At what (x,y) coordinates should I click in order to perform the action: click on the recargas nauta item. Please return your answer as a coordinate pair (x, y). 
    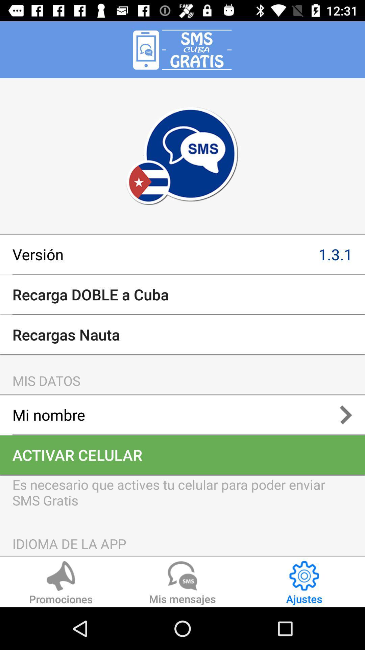
    Looking at the image, I should click on (182, 334).